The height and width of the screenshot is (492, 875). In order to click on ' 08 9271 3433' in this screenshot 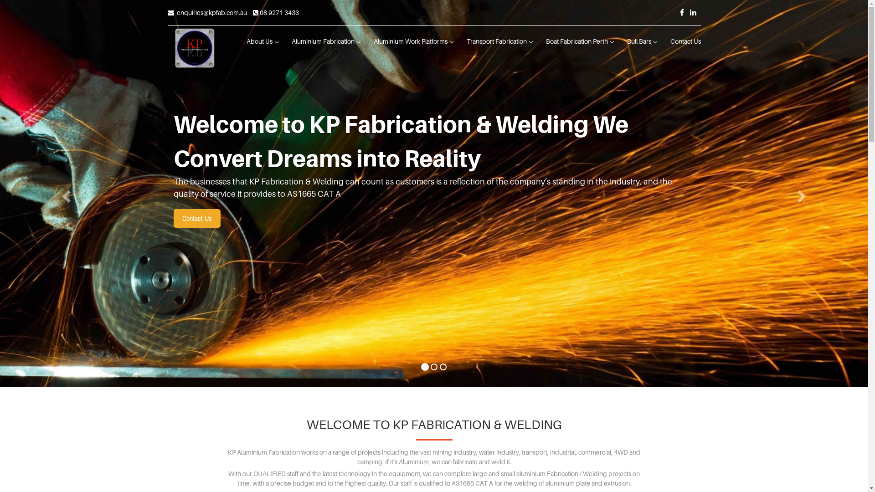, I will do `click(275, 12)`.